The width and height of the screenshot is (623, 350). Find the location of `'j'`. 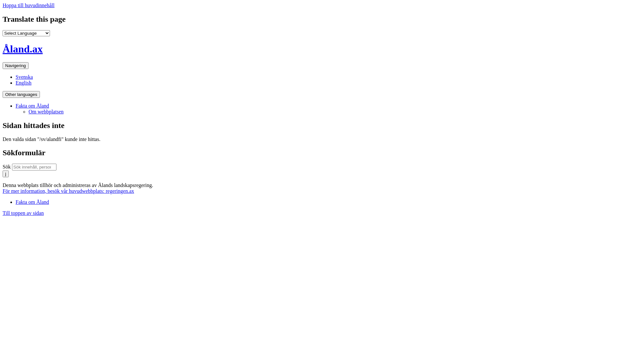

'j' is located at coordinates (3, 173).